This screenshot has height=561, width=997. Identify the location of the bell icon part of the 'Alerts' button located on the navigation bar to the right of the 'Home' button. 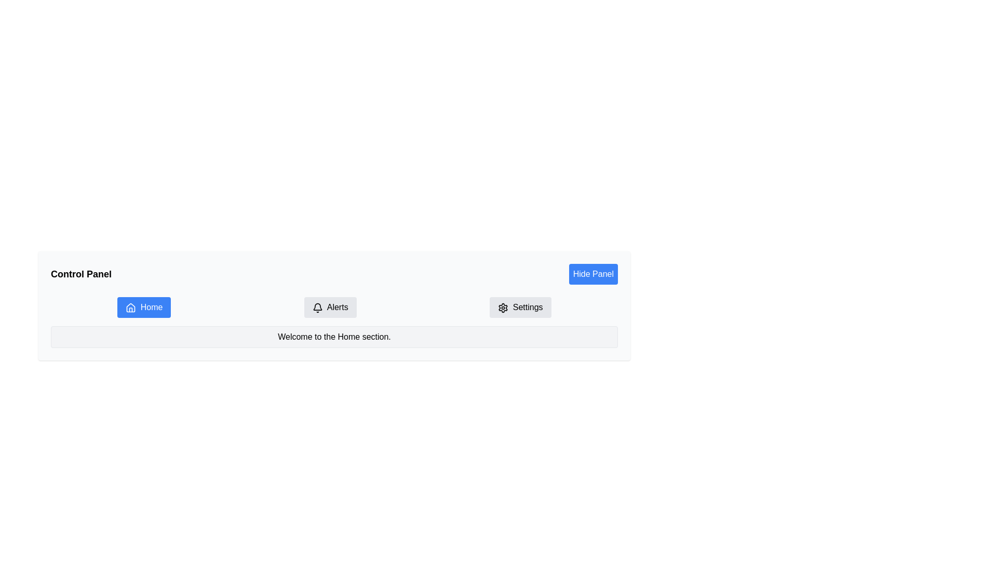
(317, 306).